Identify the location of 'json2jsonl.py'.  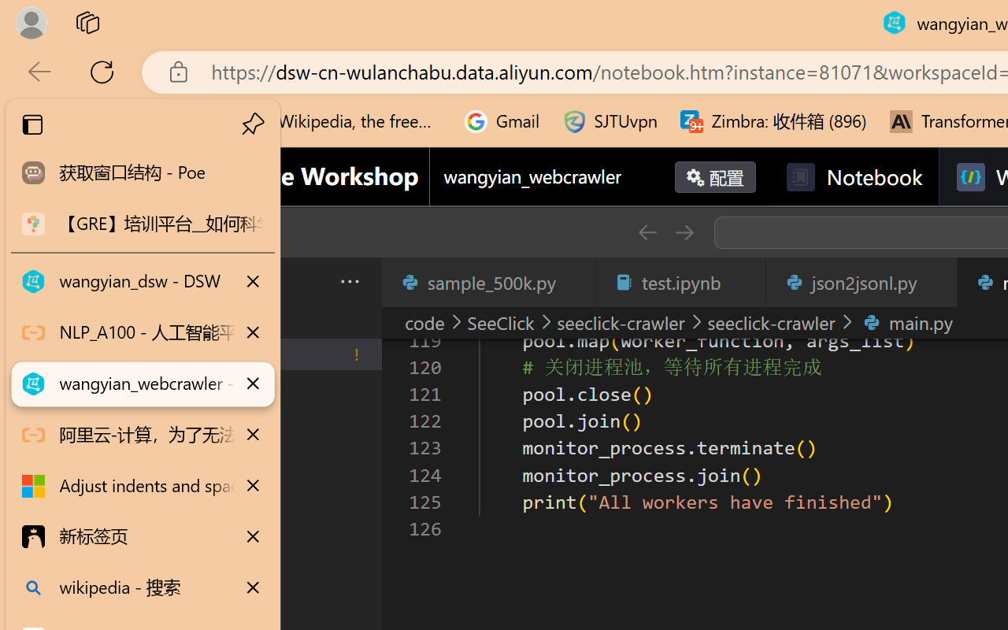
(860, 282).